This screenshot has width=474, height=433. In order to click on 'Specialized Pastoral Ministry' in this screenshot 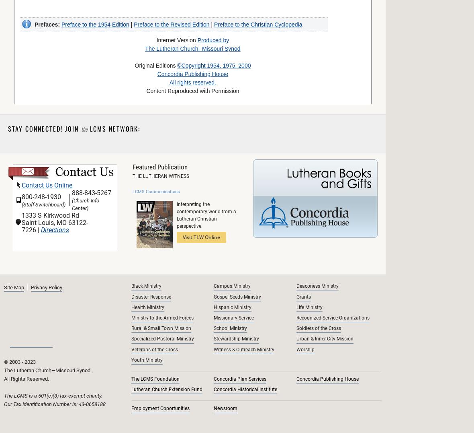, I will do `click(162, 338)`.